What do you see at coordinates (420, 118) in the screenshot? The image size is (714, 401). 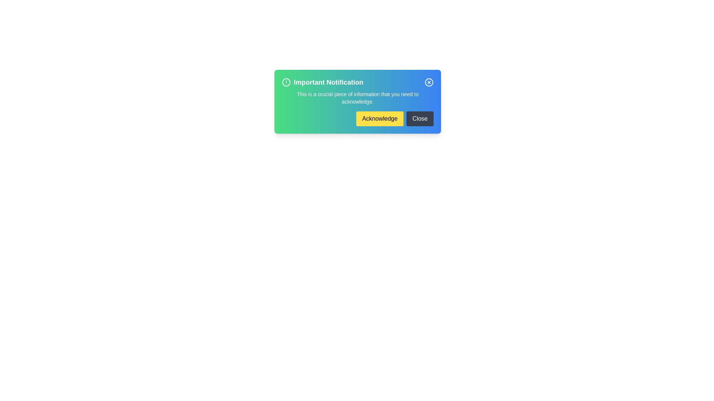 I see `the second button from the left in the bottom-right corner of the notification panel to observe hover effects` at bounding box center [420, 118].